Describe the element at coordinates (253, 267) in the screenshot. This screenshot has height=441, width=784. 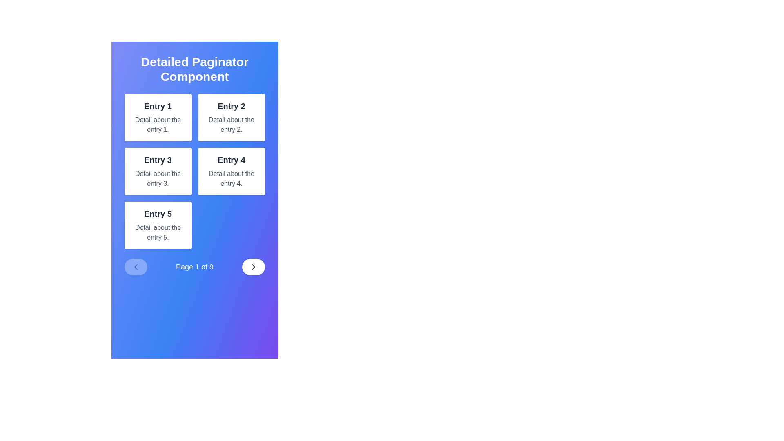
I see `the navigation icon located` at that location.